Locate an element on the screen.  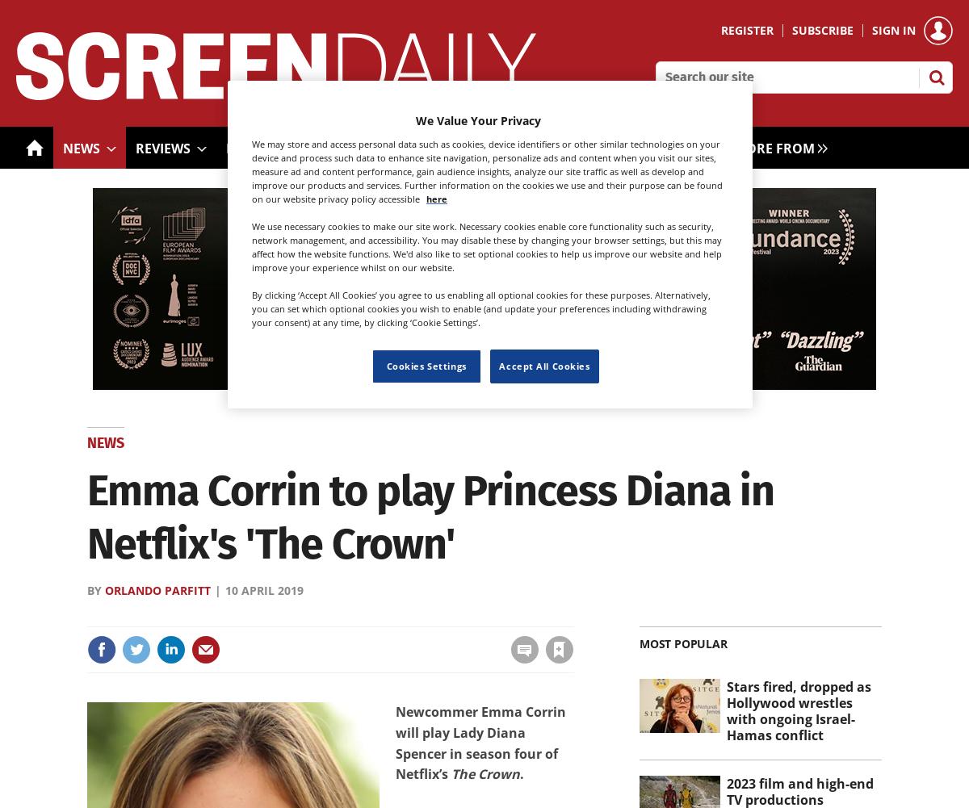
'Features' is located at coordinates (258, 148).